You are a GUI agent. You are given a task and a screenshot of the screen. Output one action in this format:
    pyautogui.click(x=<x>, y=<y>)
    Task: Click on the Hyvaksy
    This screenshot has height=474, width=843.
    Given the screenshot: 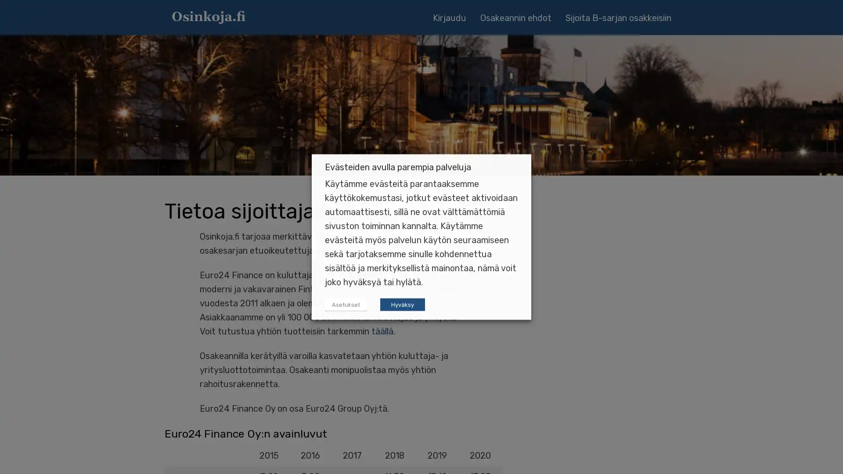 What is the action you would take?
    pyautogui.click(x=402, y=304)
    